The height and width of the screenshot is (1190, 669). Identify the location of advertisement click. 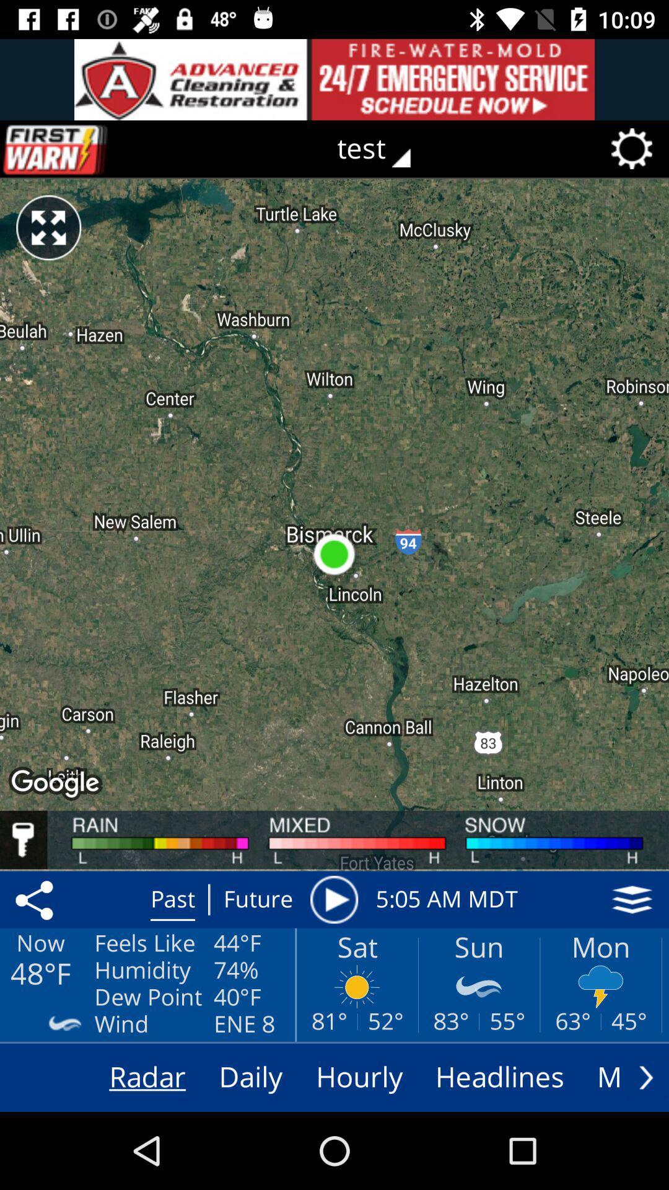
(334, 79).